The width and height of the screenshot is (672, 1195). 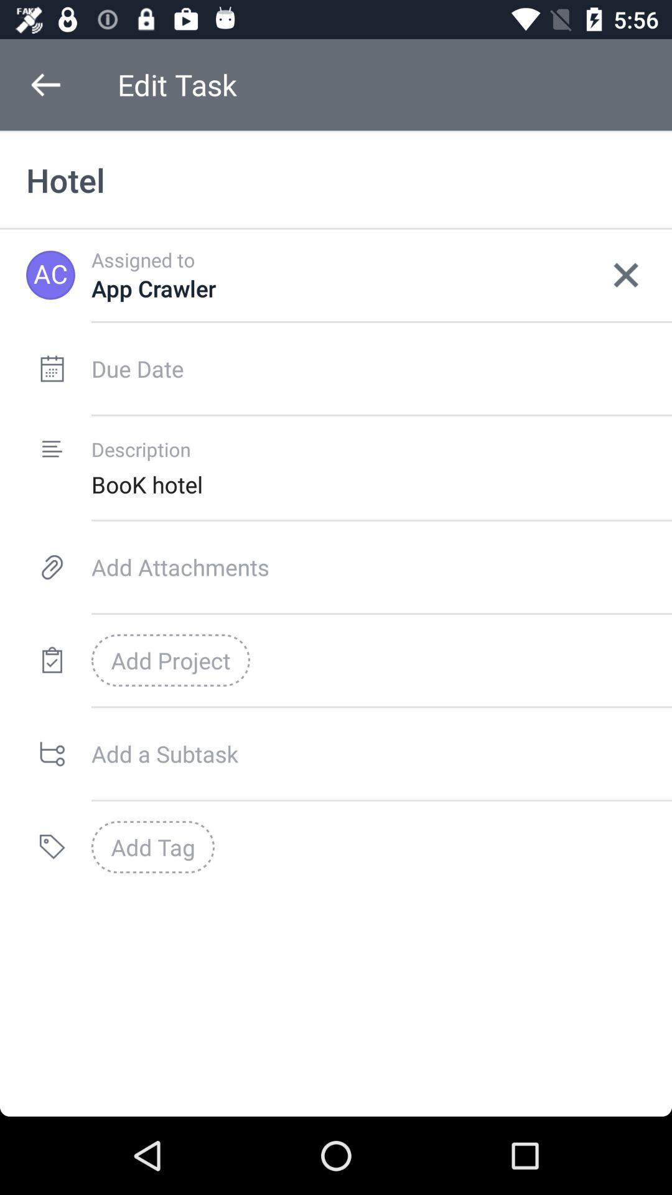 I want to click on book hotel item, so click(x=381, y=484).